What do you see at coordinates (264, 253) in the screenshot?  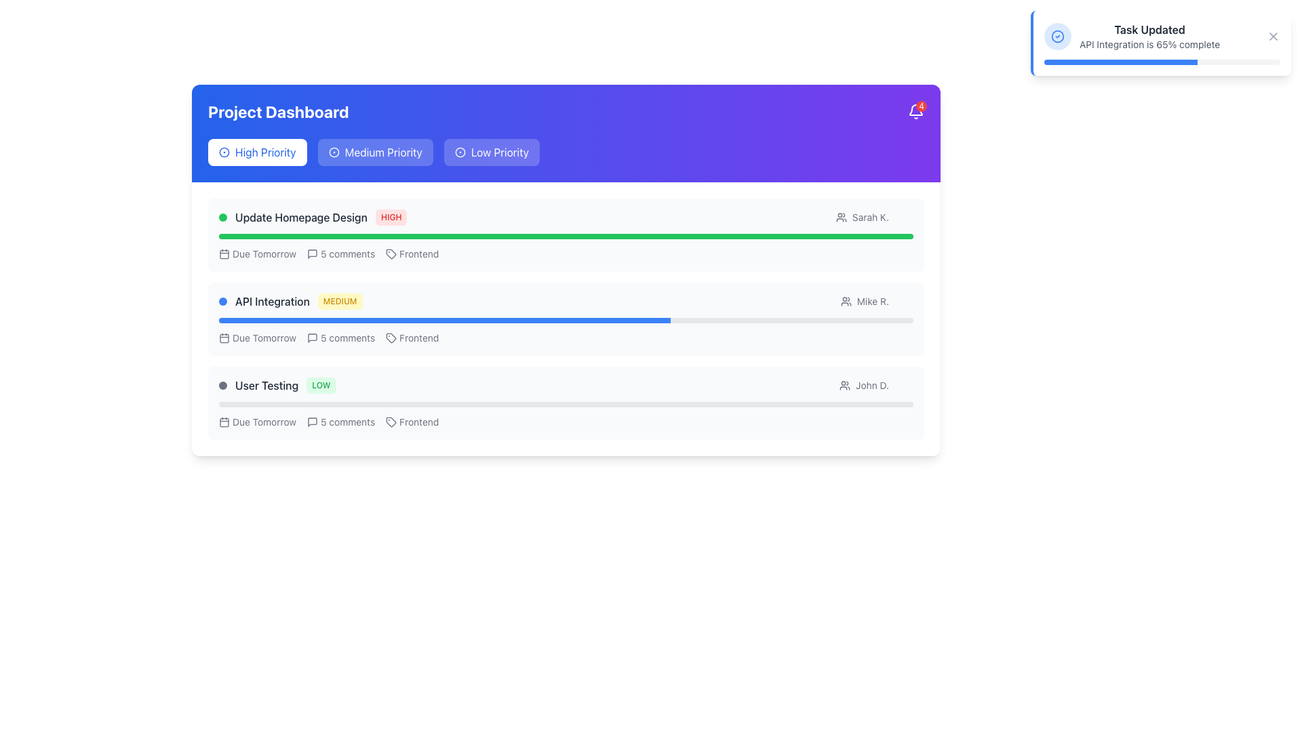 I see `the text label displaying 'Due Tomorrow', which is styled in gray and positioned next to a calendar icon in the 'Update Homepage Design' task entry on the Project Dashboard` at bounding box center [264, 253].